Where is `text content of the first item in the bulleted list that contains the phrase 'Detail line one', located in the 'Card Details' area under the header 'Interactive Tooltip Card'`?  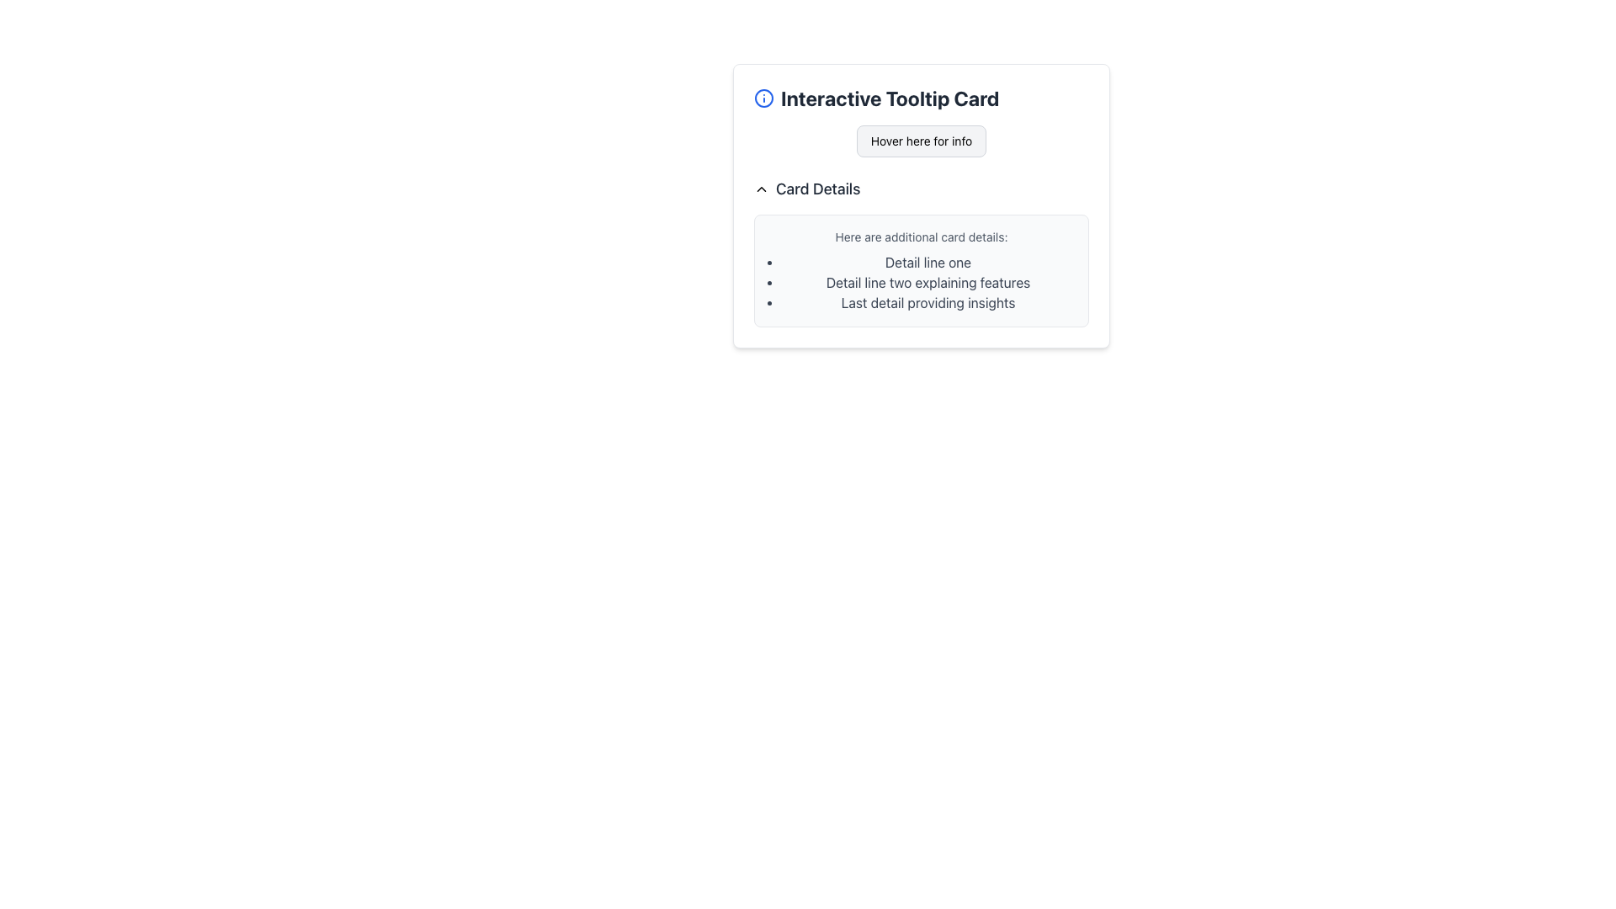
text content of the first item in the bulleted list that contains the phrase 'Detail line one', located in the 'Card Details' area under the header 'Interactive Tooltip Card' is located at coordinates (928, 263).